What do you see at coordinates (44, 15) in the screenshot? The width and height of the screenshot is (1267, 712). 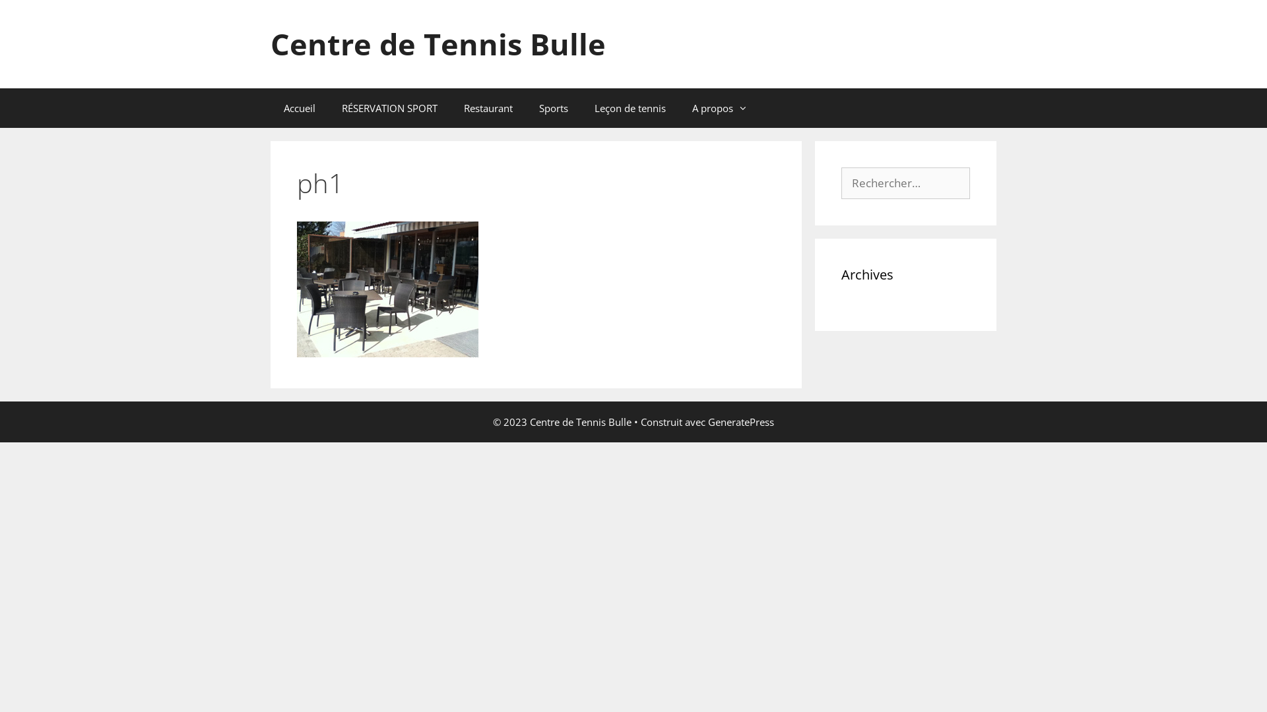 I see `'Rechercher'` at bounding box center [44, 15].